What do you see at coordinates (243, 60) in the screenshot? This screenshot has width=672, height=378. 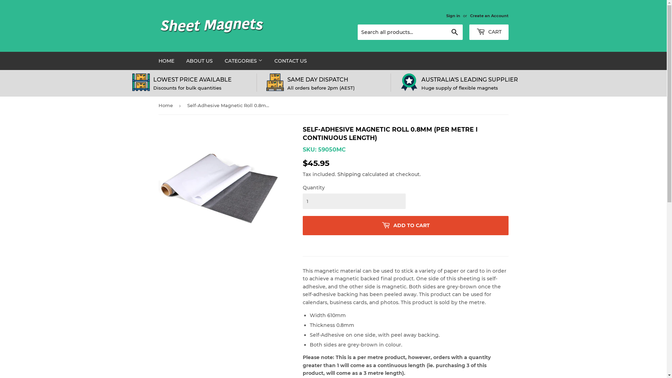 I see `'CATEGORIES'` at bounding box center [243, 60].